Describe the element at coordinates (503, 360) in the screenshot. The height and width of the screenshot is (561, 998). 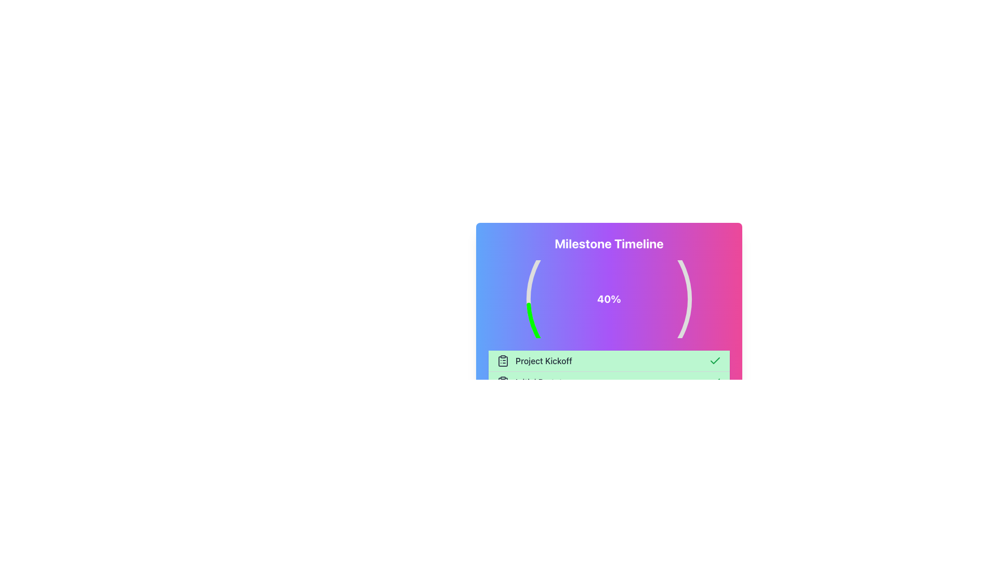
I see `the leftmost icon in the green-highlighted row that represents the 'Project Kickoff' project` at that location.